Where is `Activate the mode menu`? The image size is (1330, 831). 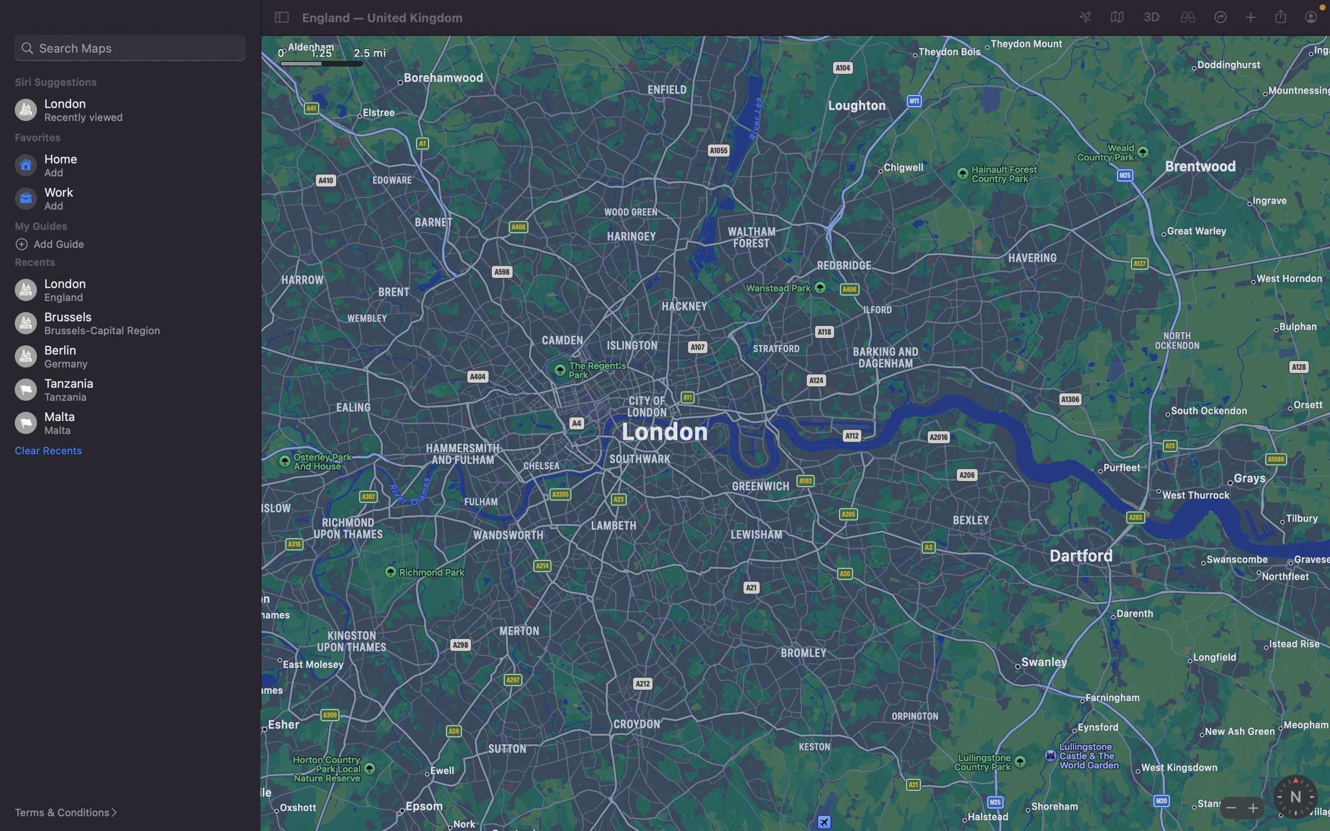 Activate the mode menu is located at coordinates (1115, 18).